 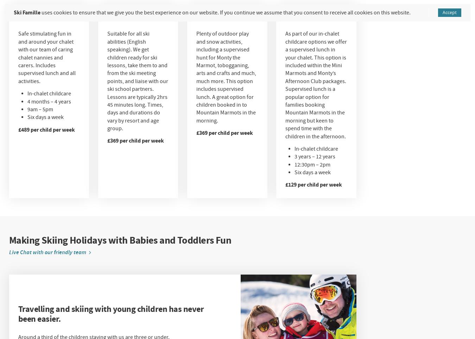 What do you see at coordinates (110, 313) in the screenshot?
I see `'Travelling and skiing with young children has never been easier.'` at bounding box center [110, 313].